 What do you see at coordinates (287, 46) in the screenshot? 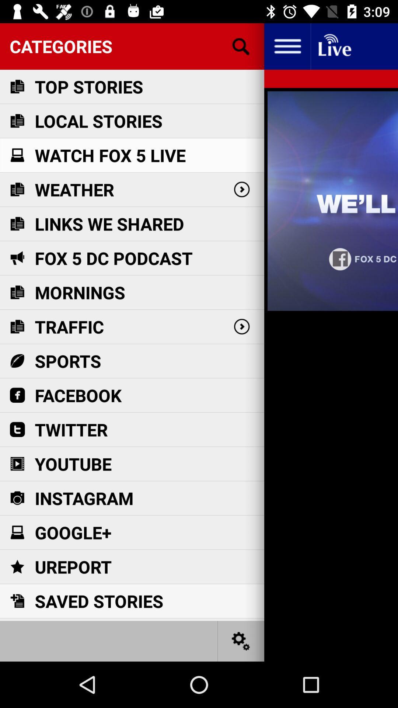
I see `the menu icon` at bounding box center [287, 46].